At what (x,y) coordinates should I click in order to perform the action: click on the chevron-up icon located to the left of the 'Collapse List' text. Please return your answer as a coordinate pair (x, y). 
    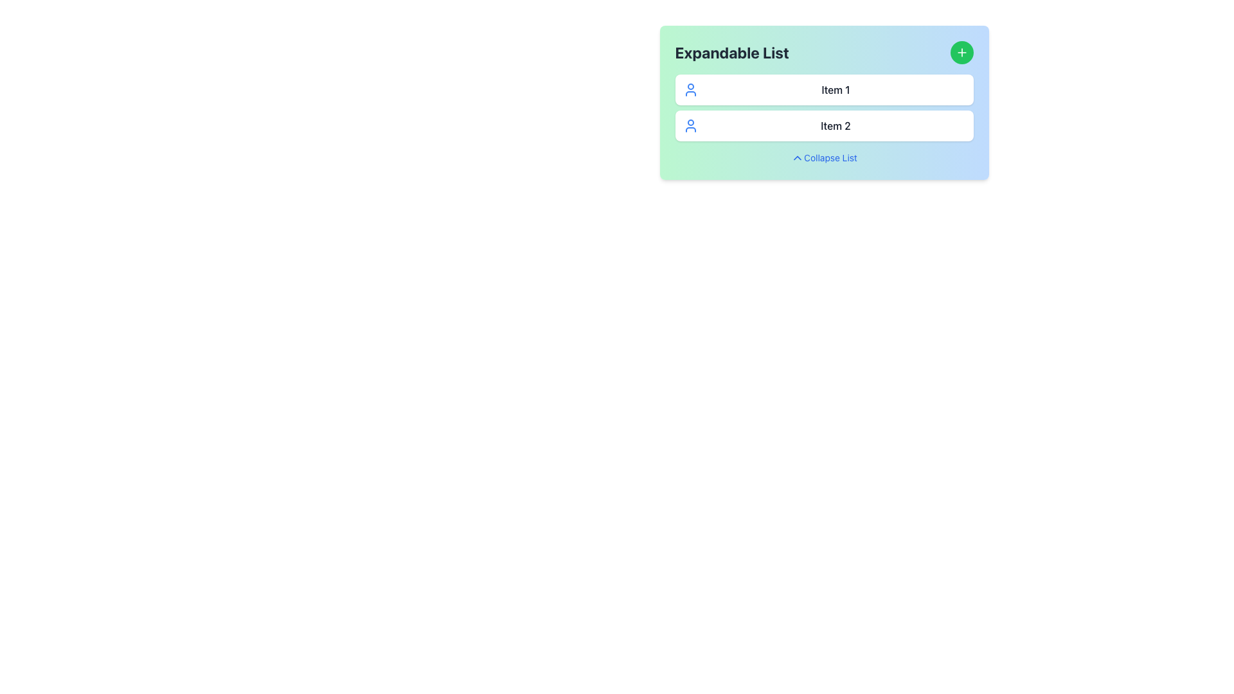
    Looking at the image, I should click on (797, 157).